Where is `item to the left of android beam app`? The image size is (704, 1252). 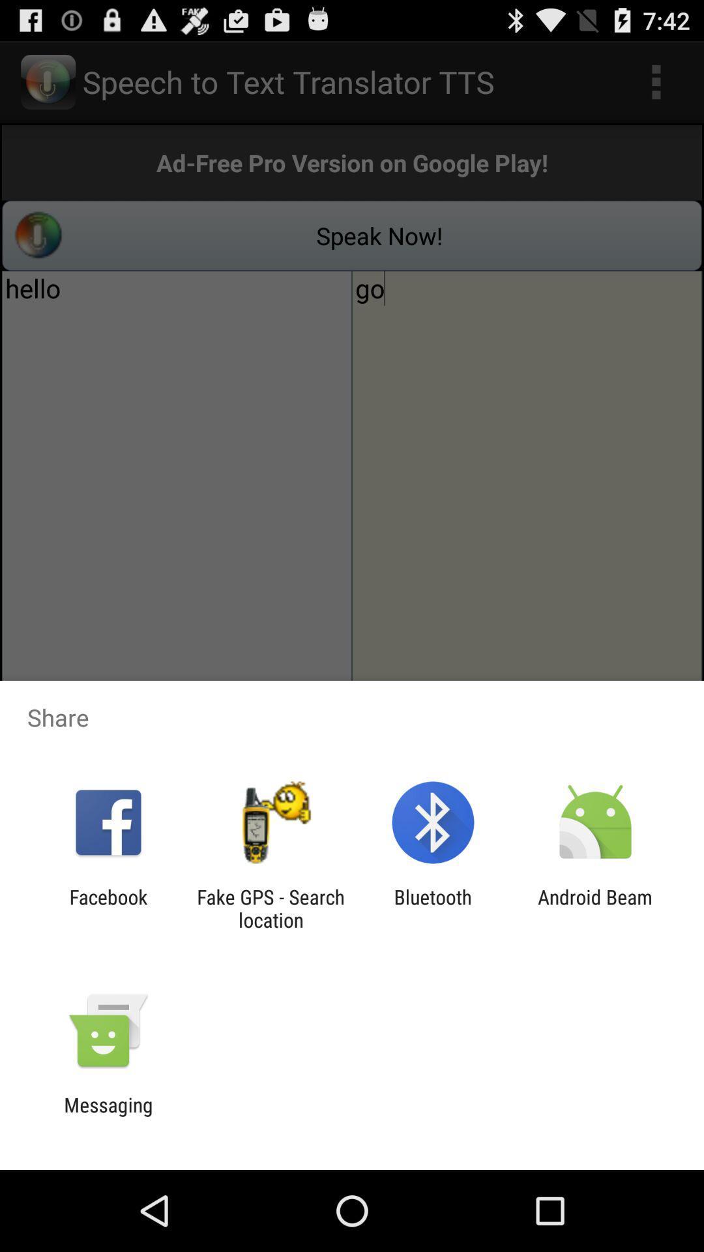 item to the left of android beam app is located at coordinates (433, 908).